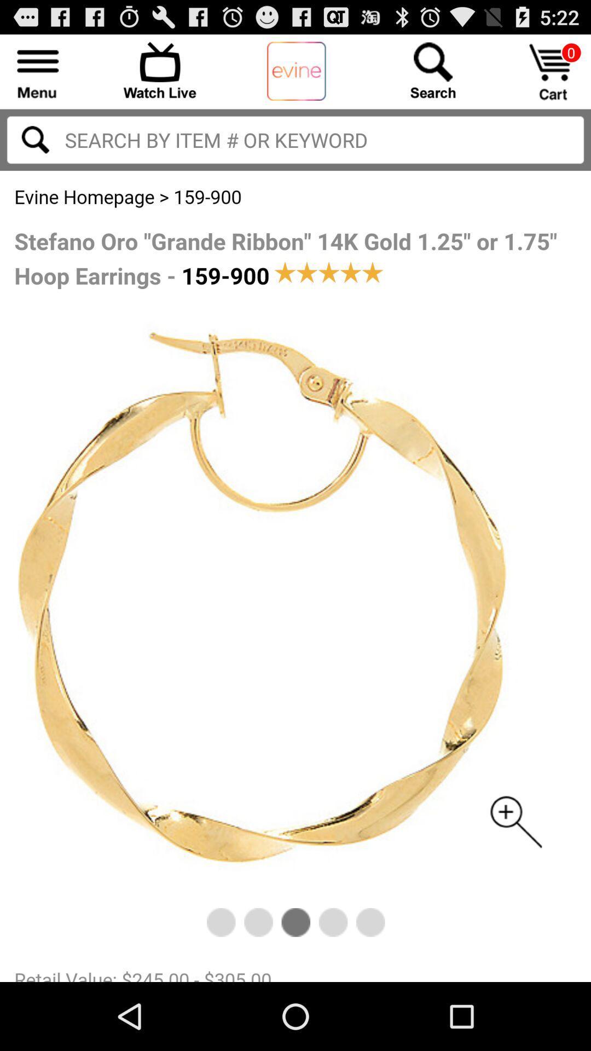  Describe the element at coordinates (553, 76) in the screenshot. I see `the cart icon` at that location.